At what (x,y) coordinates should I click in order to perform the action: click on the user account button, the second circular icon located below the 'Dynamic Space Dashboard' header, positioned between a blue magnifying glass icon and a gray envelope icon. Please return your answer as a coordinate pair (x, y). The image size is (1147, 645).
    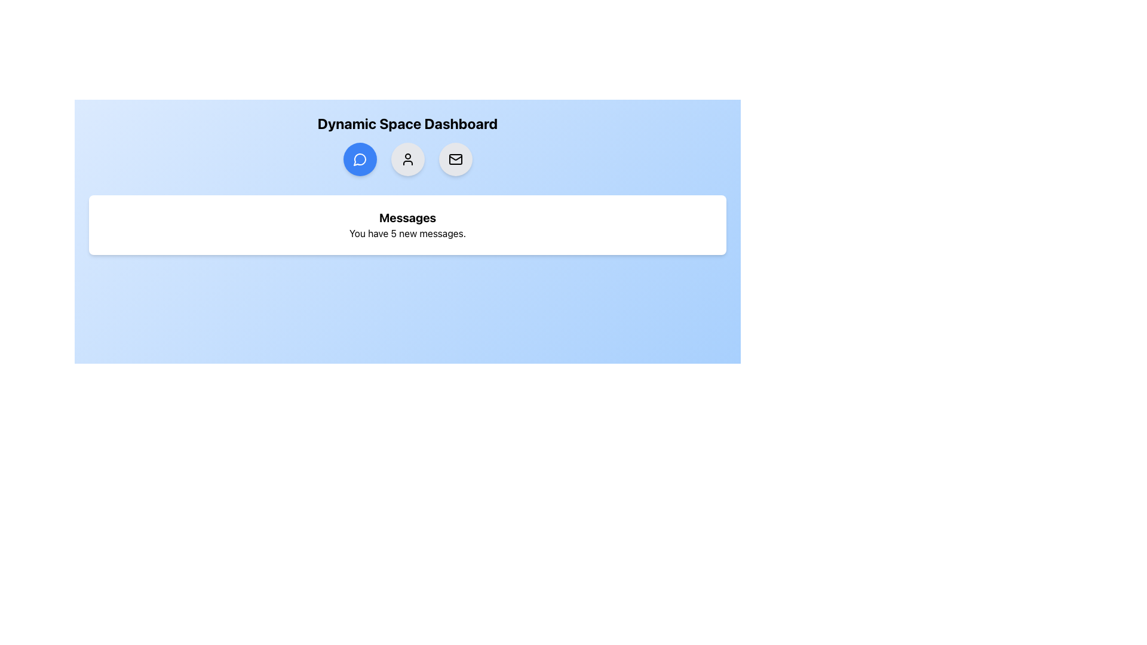
    Looking at the image, I should click on (407, 158).